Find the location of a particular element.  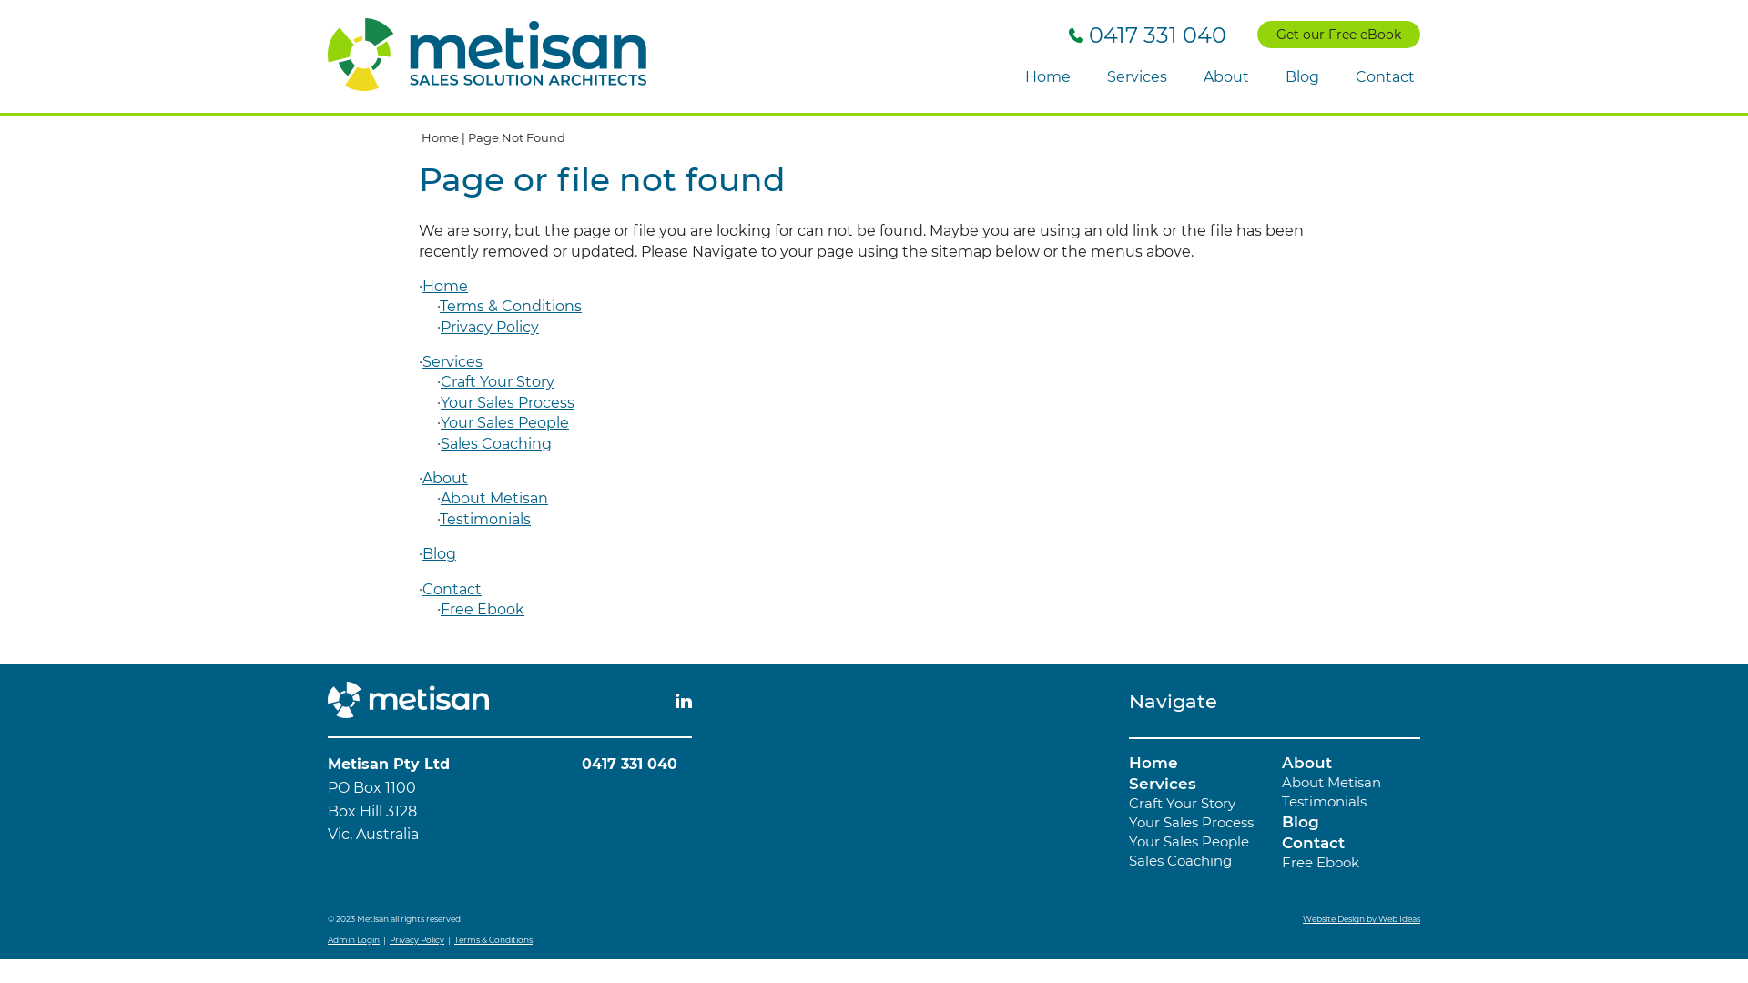

'Home' is located at coordinates (1048, 76).